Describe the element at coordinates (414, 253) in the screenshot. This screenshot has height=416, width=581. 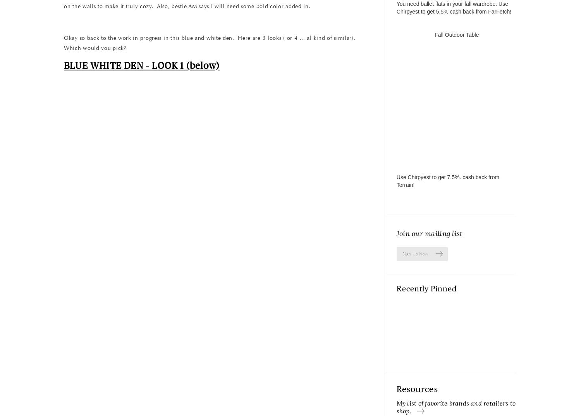
I see `'Sign Up Now'` at that location.